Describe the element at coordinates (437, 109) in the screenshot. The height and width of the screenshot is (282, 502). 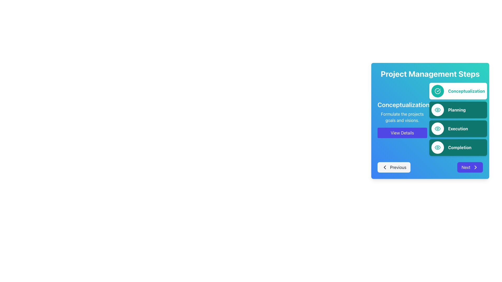
I see `eye icon located within the green circular button adjacent to the 'Execution' label in the project management steps` at that location.